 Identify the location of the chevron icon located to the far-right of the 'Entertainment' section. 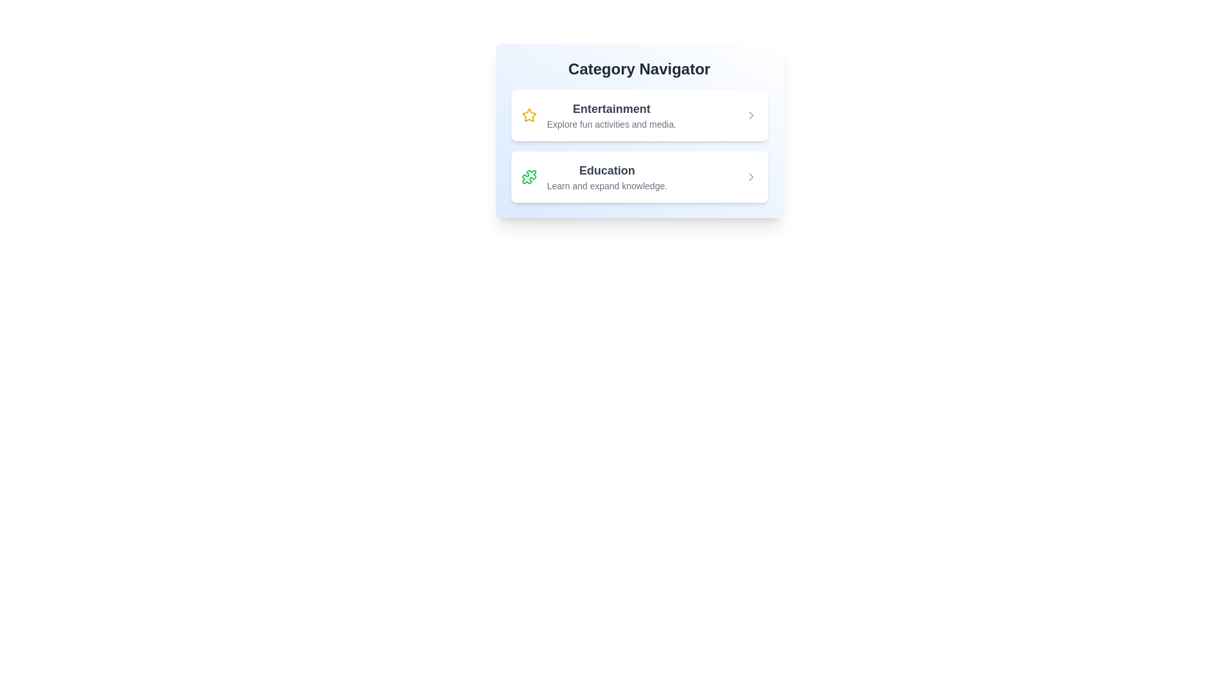
(751, 116).